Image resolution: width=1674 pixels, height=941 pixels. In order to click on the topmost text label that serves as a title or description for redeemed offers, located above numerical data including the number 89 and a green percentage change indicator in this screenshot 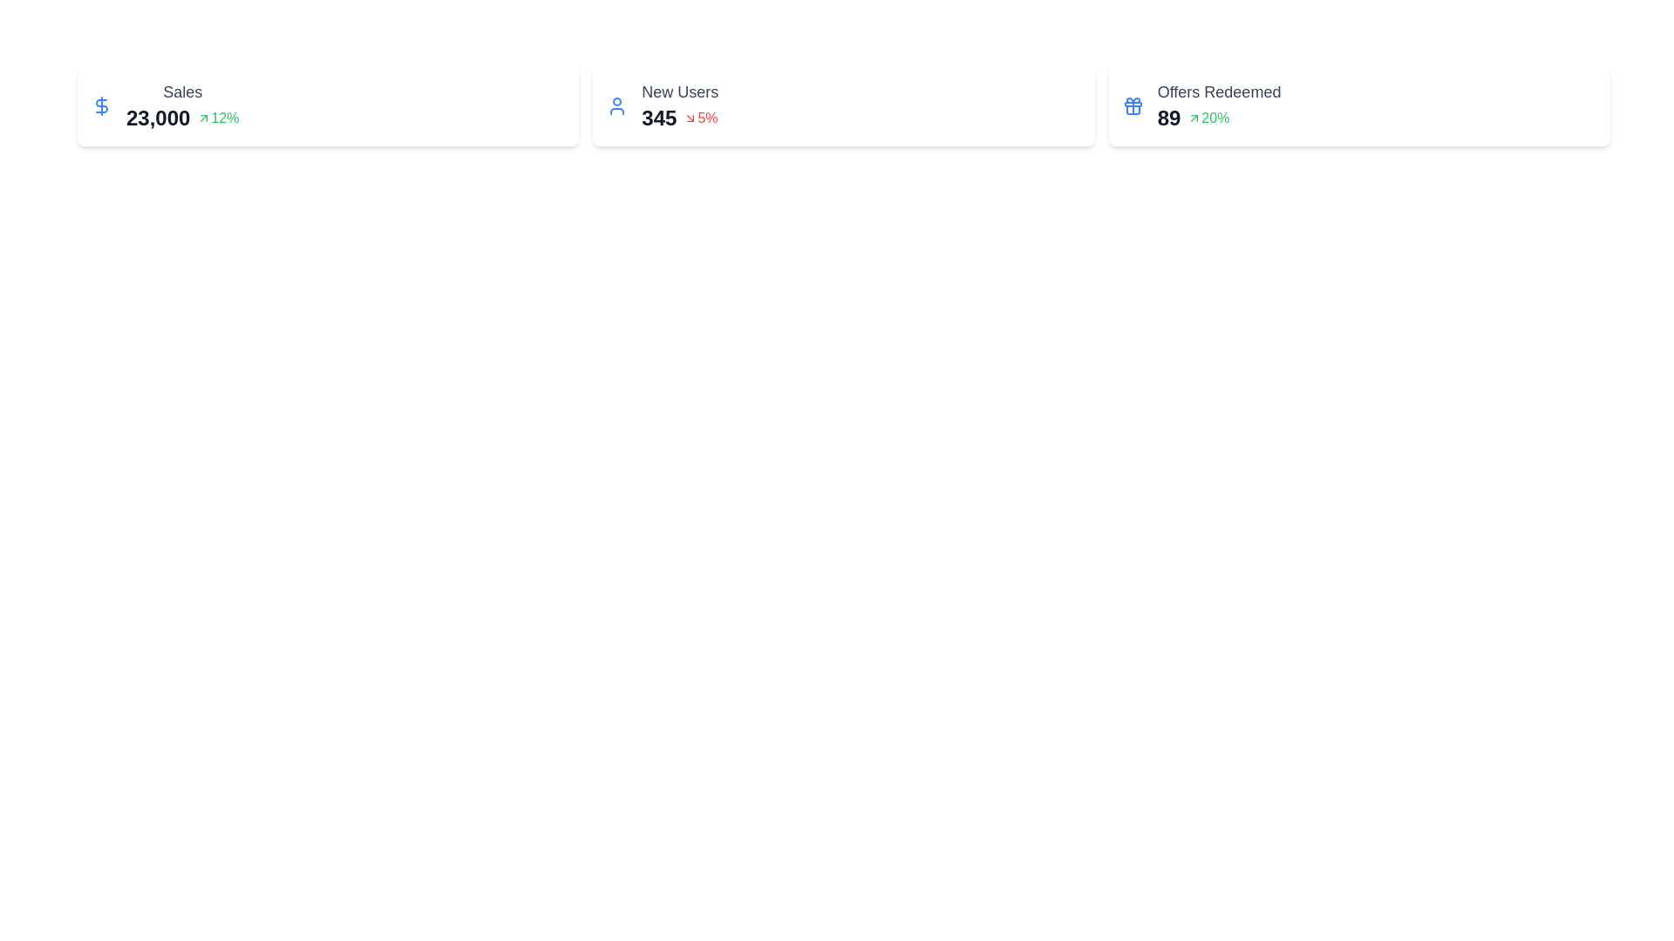, I will do `click(1218, 91)`.